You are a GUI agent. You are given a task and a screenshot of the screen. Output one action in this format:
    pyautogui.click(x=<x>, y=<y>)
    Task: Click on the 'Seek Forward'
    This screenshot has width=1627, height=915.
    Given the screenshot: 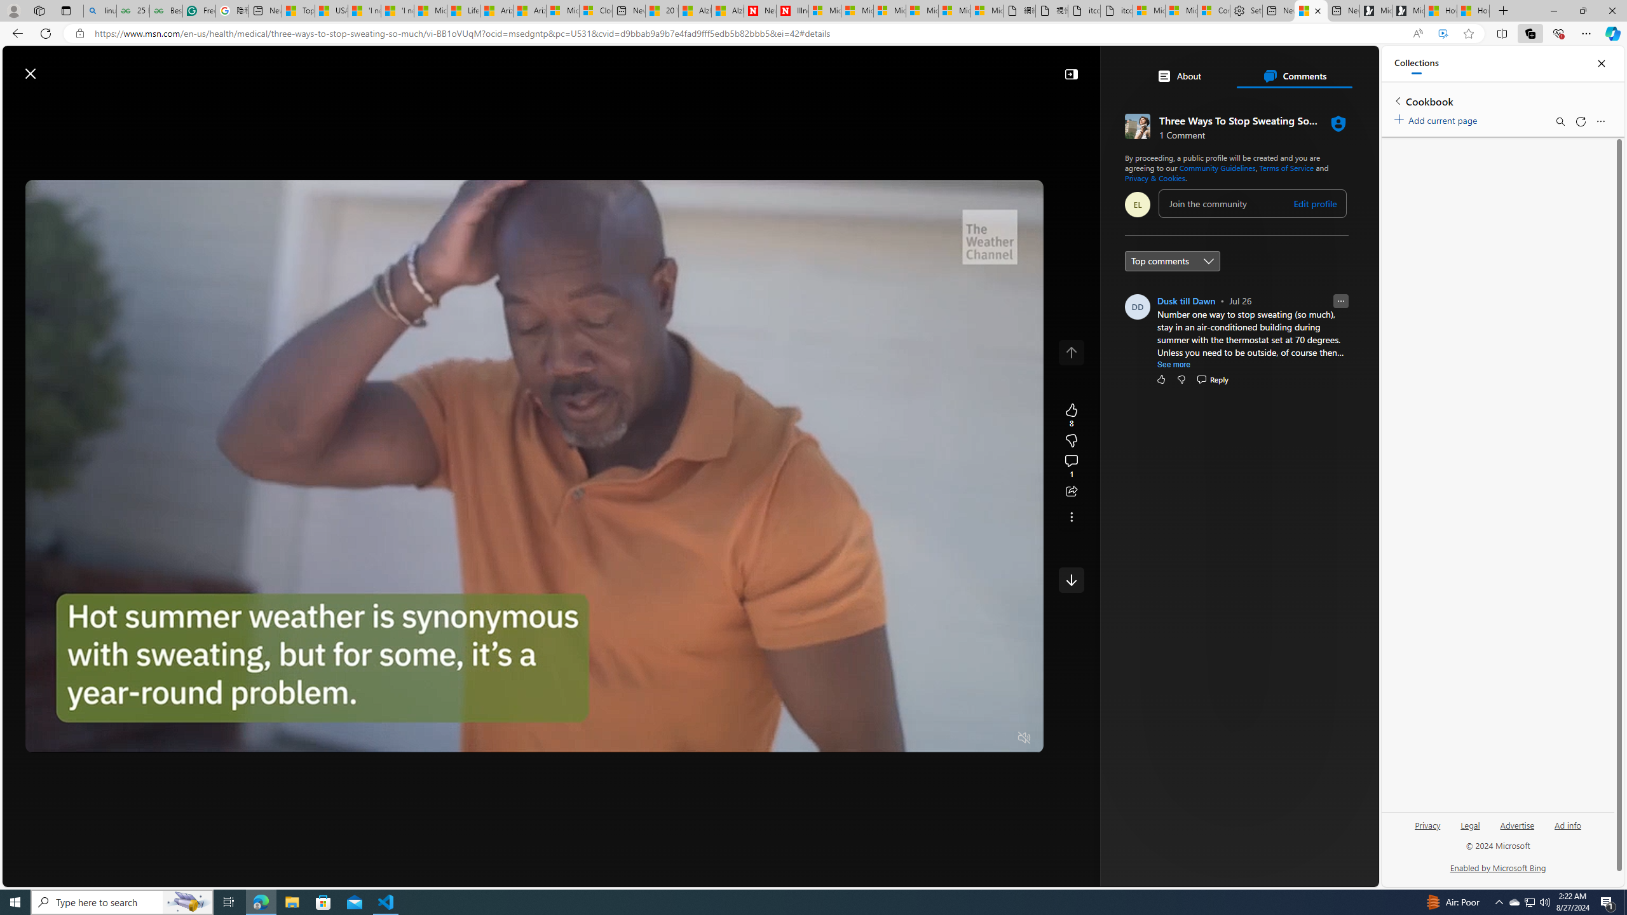 What is the action you would take?
    pyautogui.click(x=94, y=738)
    